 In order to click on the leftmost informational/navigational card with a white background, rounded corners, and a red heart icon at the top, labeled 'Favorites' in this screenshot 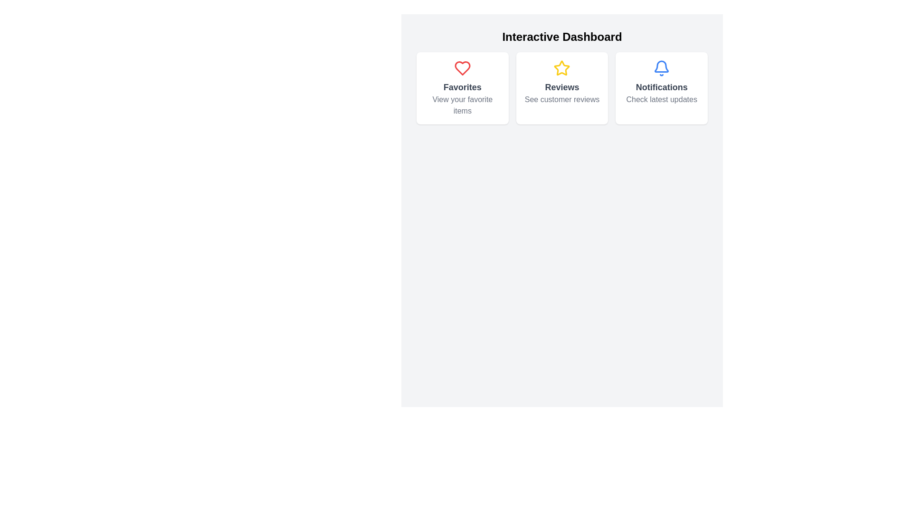, I will do `click(462, 88)`.